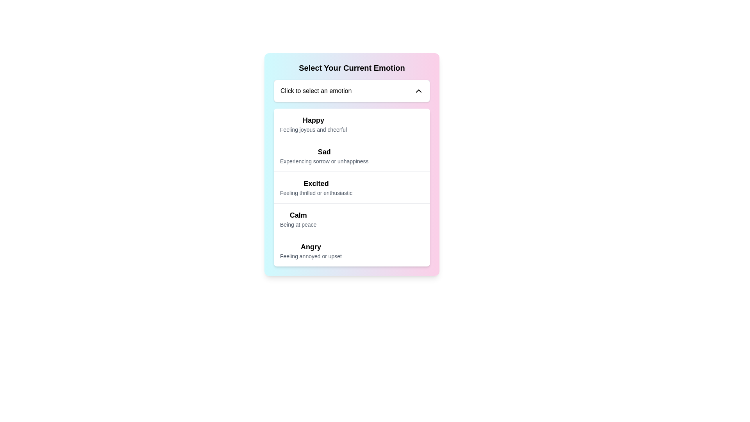 The height and width of the screenshot is (422, 750). I want to click on the text header that says 'Select Your Current Emotion', which is styled in a large, bold font and positioned at the top of the gradient-background card, so click(352, 67).